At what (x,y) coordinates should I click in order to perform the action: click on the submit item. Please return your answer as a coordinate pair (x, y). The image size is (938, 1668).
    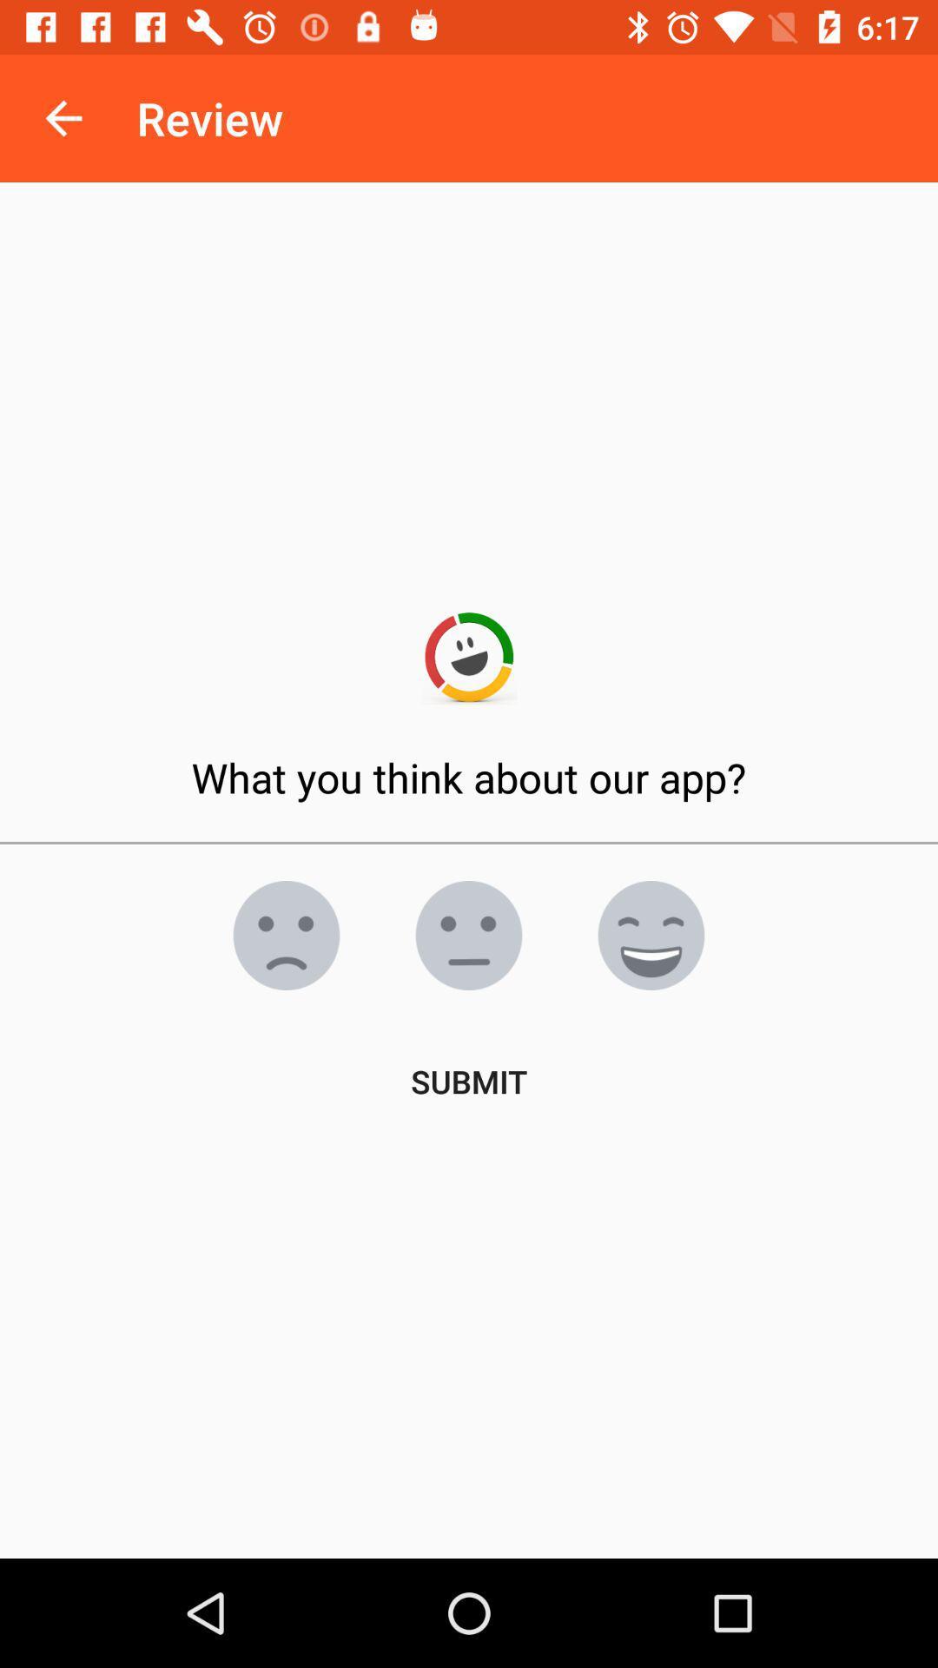
    Looking at the image, I should click on (469, 1080).